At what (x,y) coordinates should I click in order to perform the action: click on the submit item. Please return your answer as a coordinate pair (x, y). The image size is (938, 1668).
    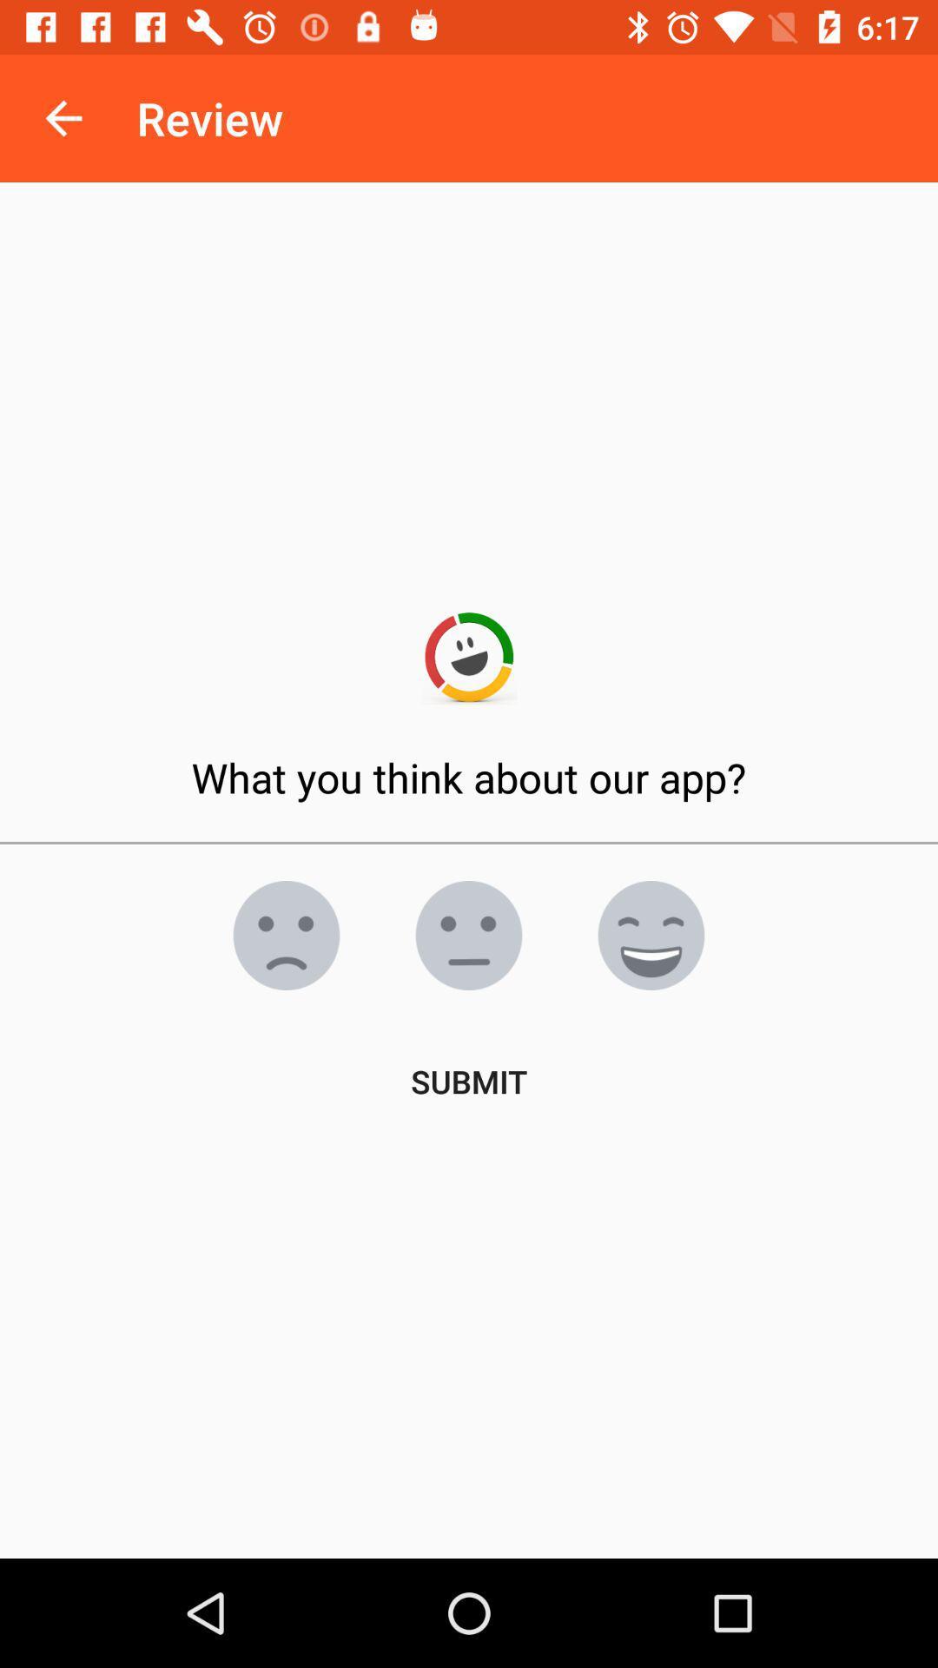
    Looking at the image, I should click on (469, 1080).